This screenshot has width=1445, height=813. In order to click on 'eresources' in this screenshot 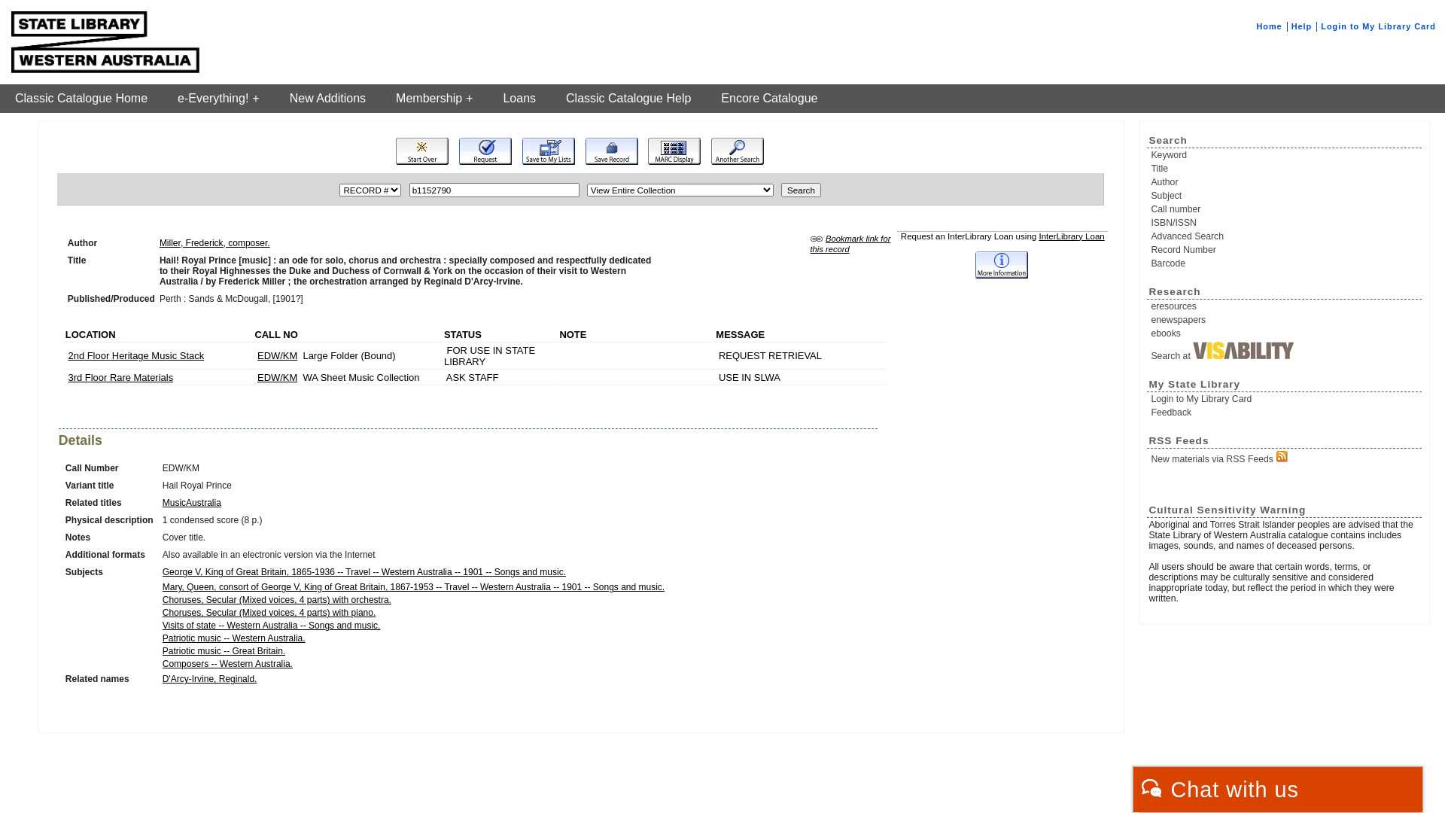, I will do `click(1150, 306)`.